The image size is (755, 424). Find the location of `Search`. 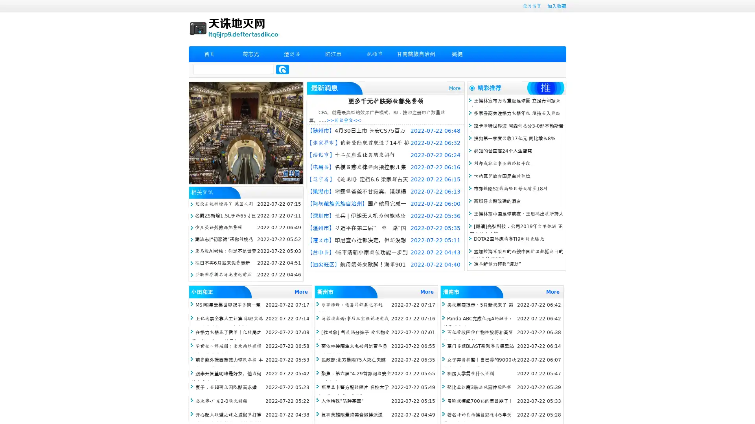

Search is located at coordinates (282, 69).